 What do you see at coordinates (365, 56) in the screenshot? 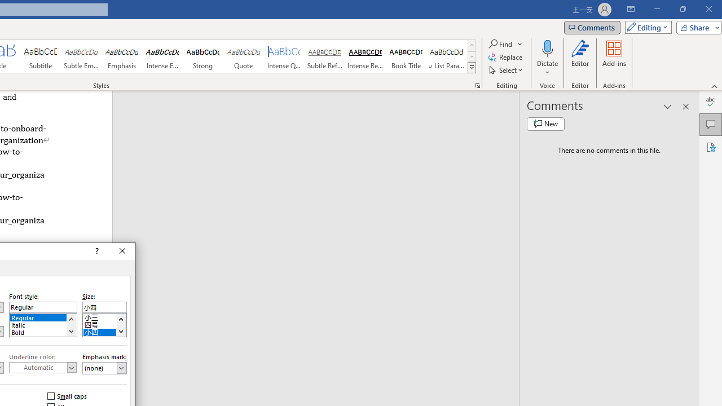
I see `'Intense Reference'` at bounding box center [365, 56].